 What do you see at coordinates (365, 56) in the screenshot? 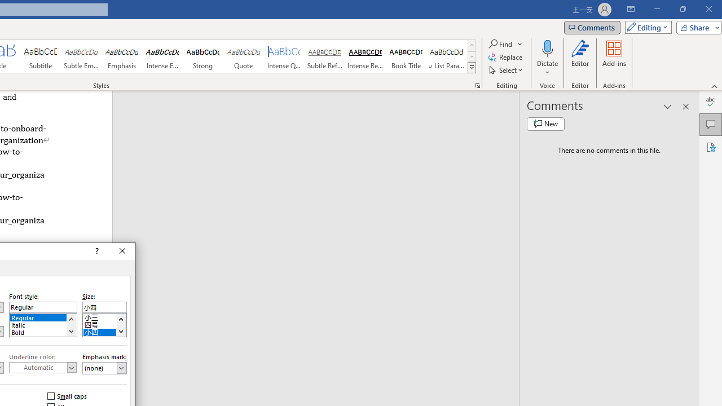
I see `'Intense Reference'` at bounding box center [365, 56].